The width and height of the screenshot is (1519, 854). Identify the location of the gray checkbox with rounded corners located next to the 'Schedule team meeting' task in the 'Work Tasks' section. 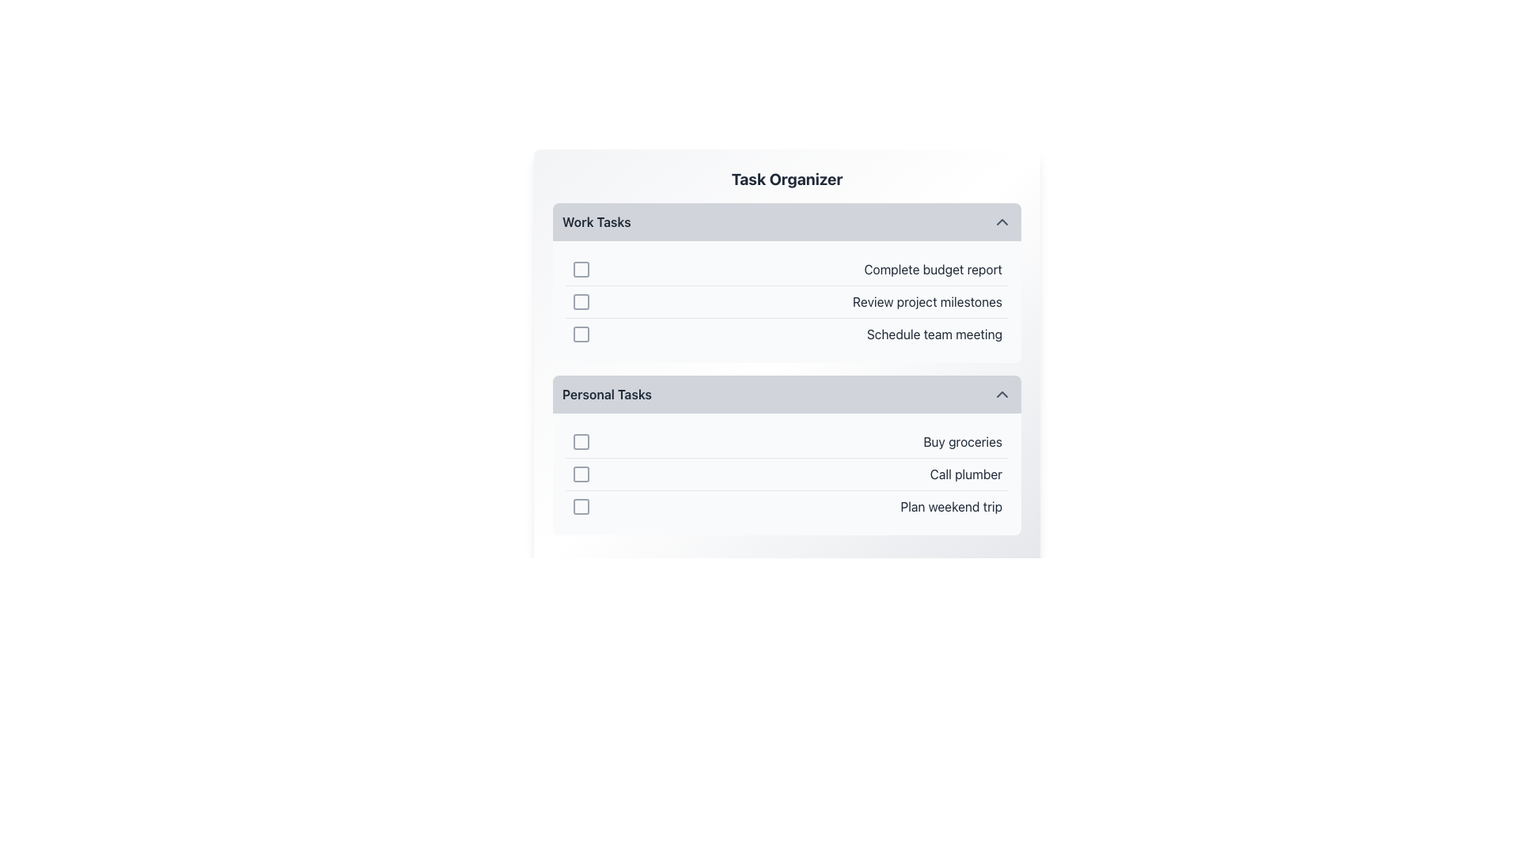
(580, 334).